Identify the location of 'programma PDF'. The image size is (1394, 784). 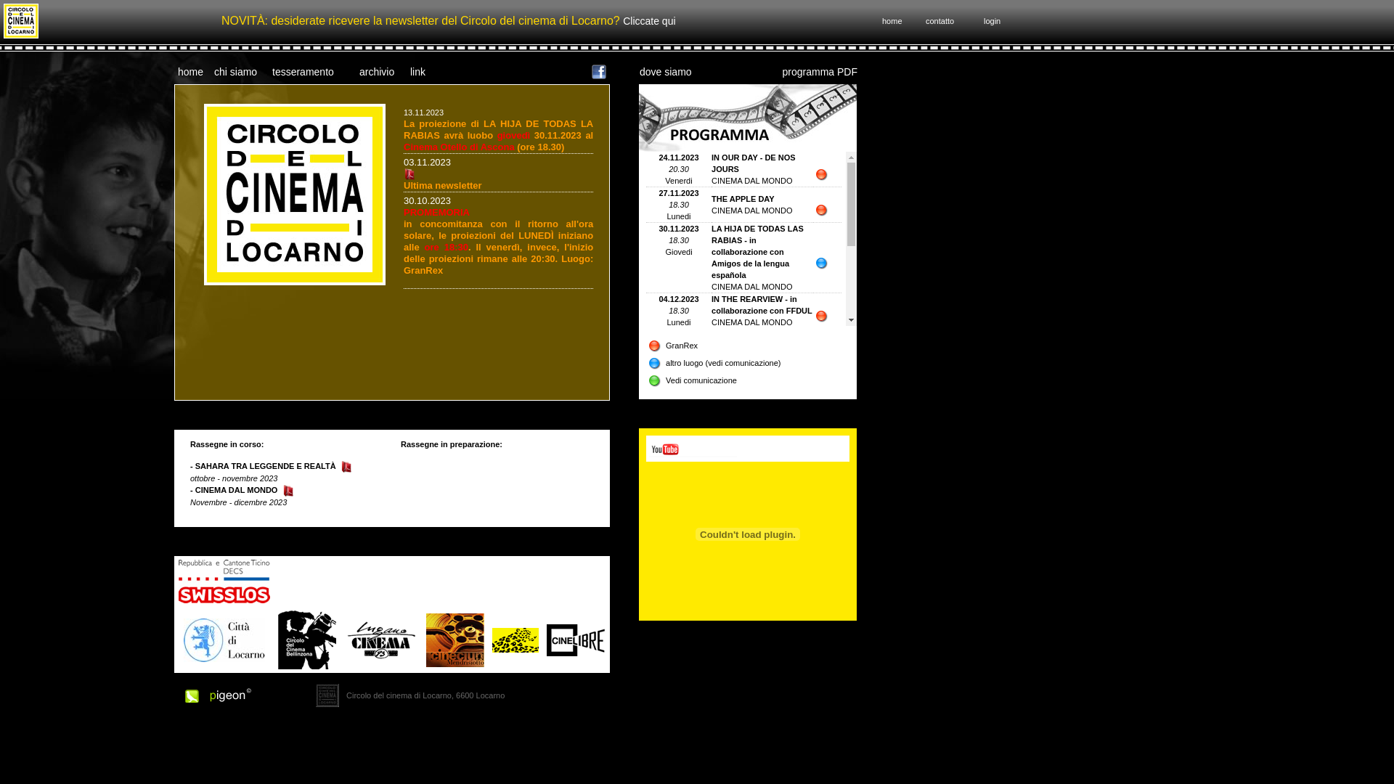
(820, 70).